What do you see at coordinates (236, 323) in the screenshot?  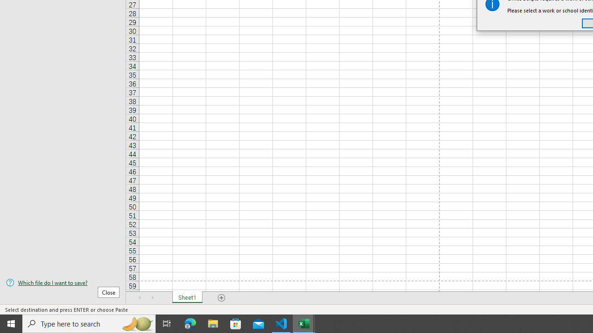 I see `'Microsoft Store'` at bounding box center [236, 323].